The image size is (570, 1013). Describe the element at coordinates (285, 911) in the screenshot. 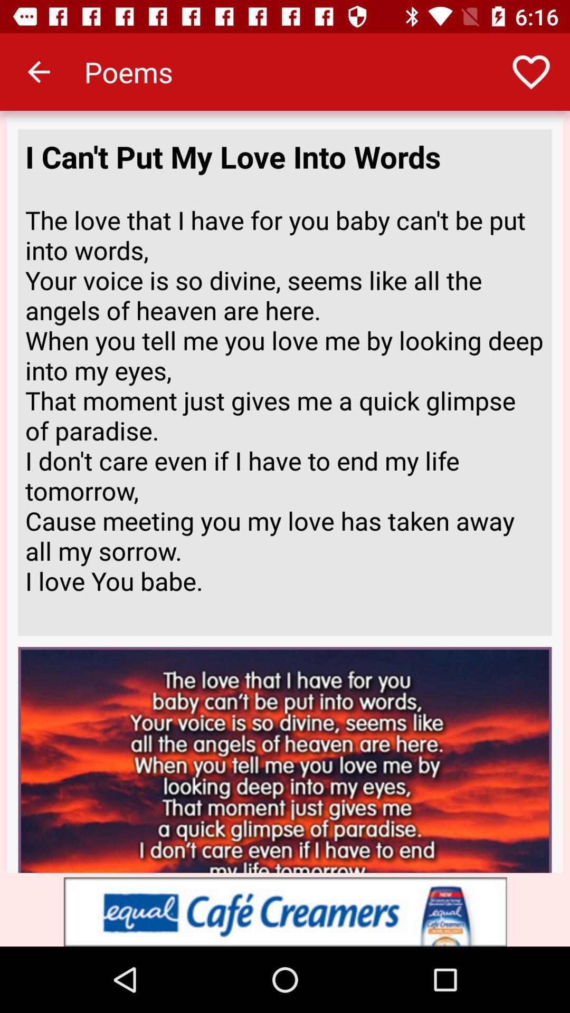

I see `icon` at that location.